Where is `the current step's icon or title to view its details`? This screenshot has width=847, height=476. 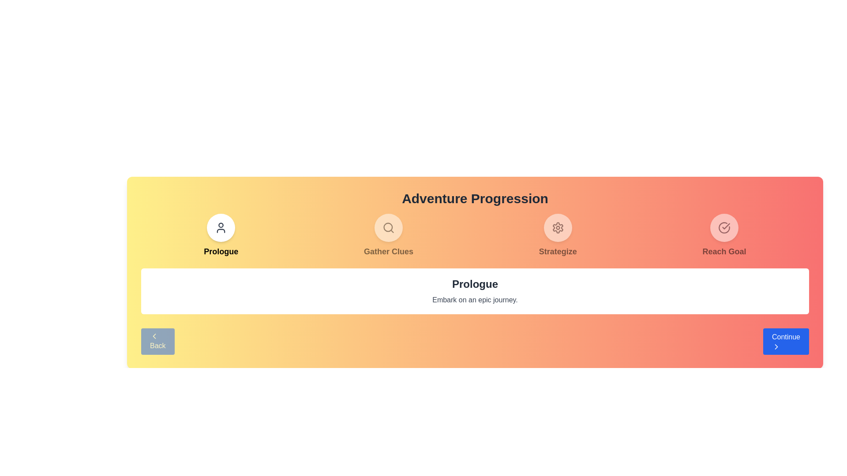 the current step's icon or title to view its details is located at coordinates (221, 227).